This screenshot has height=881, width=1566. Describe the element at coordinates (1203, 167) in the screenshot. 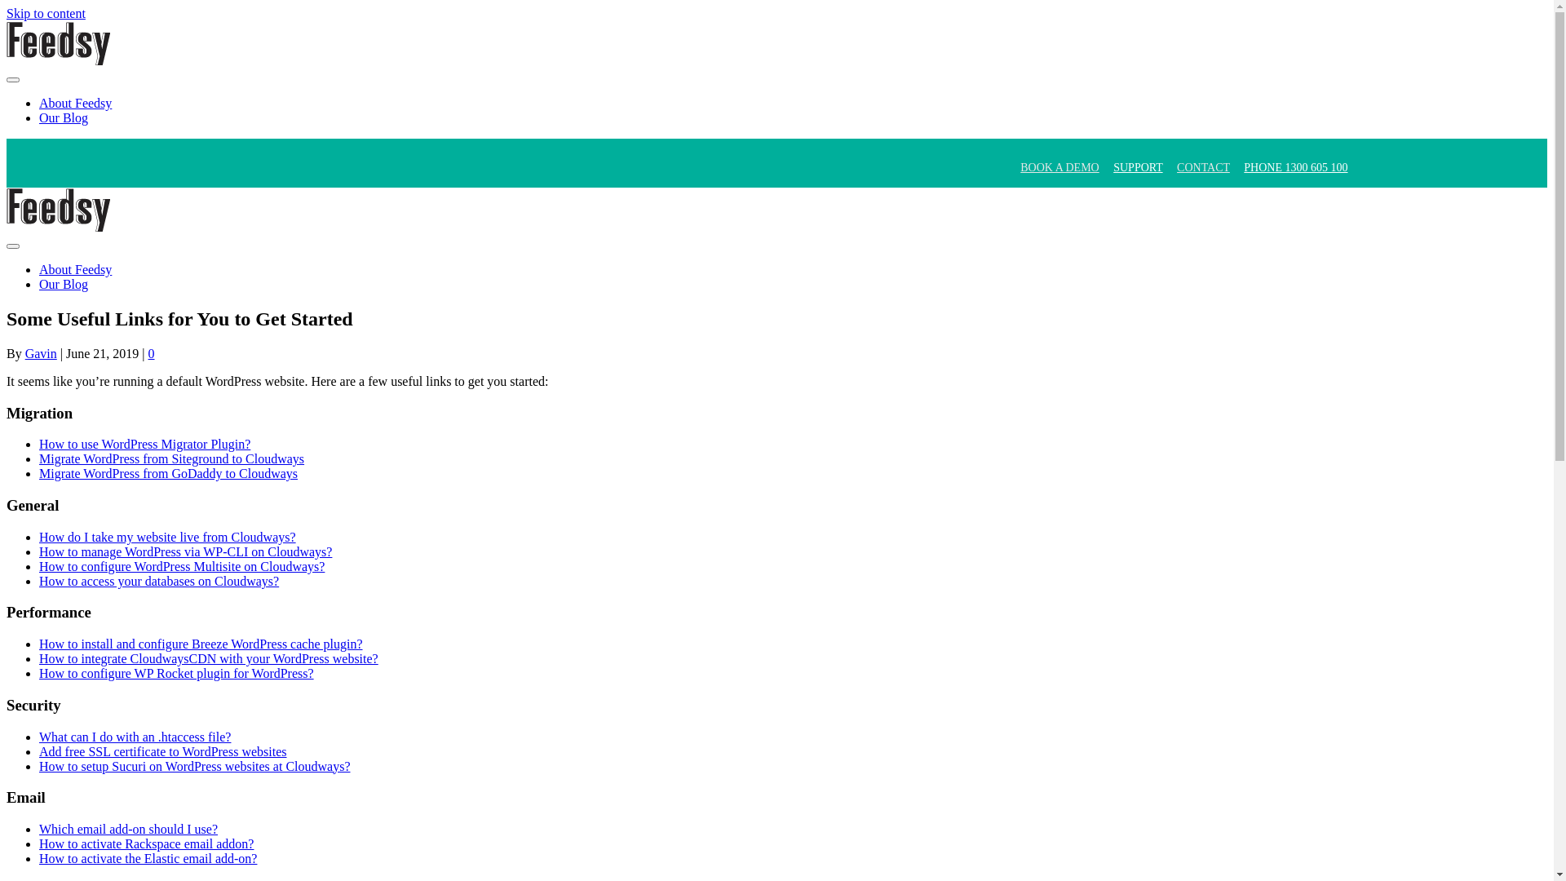

I see `'CONTACT'` at that location.